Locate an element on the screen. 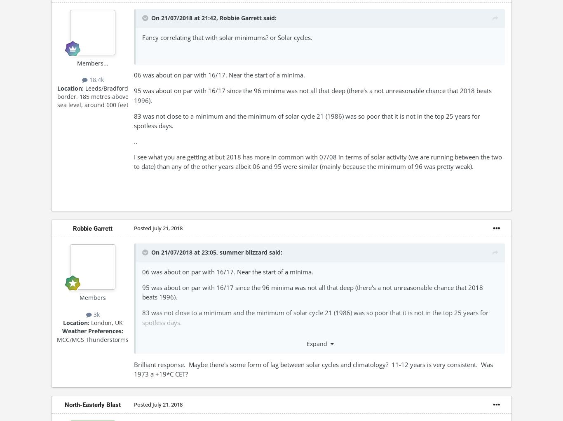  'Members' is located at coordinates (92, 297).